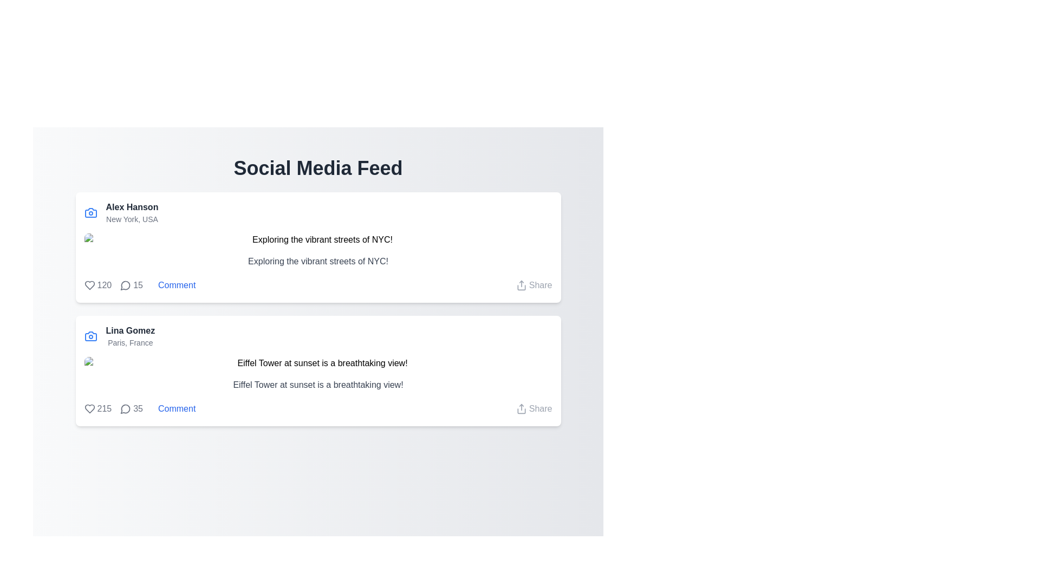  I want to click on the heart icon button located at the bottom left of the second card posted by Lina Gomez to express appreciation for the post and increase the like count, so click(89, 409).